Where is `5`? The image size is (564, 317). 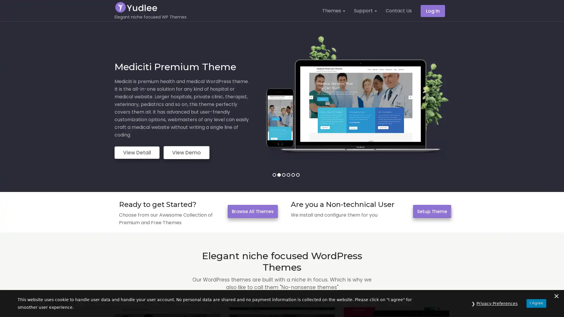 5 is located at coordinates (293, 175).